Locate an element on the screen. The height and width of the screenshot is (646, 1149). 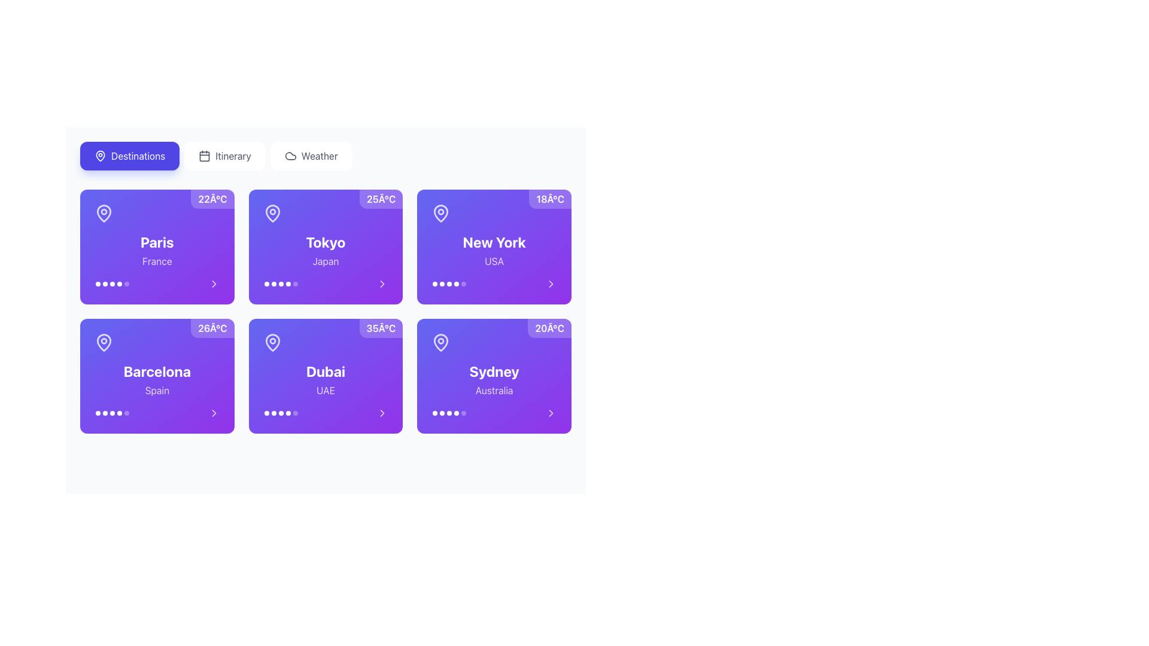
the current selection indicated by the highlighted dot in the Pagination indicator for 'Paris, France', located at the bottom center of the card is located at coordinates (112, 284).